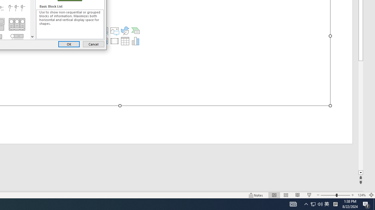  What do you see at coordinates (93, 44) in the screenshot?
I see `'Cancel'` at bounding box center [93, 44].